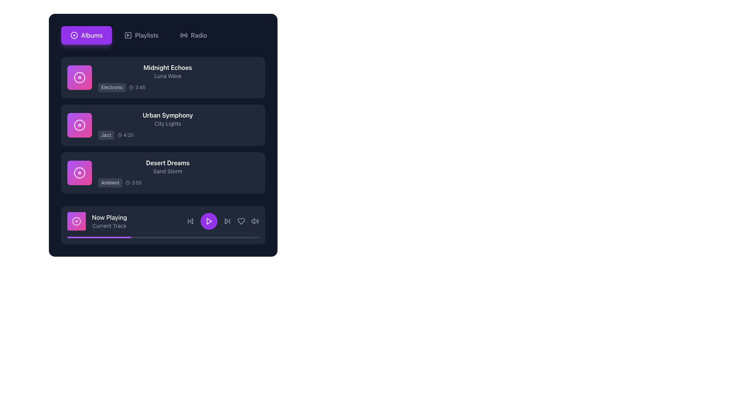  What do you see at coordinates (191, 221) in the screenshot?
I see `the left-pointing SVG arrow button located in the control bar at the bottom of the interface` at bounding box center [191, 221].